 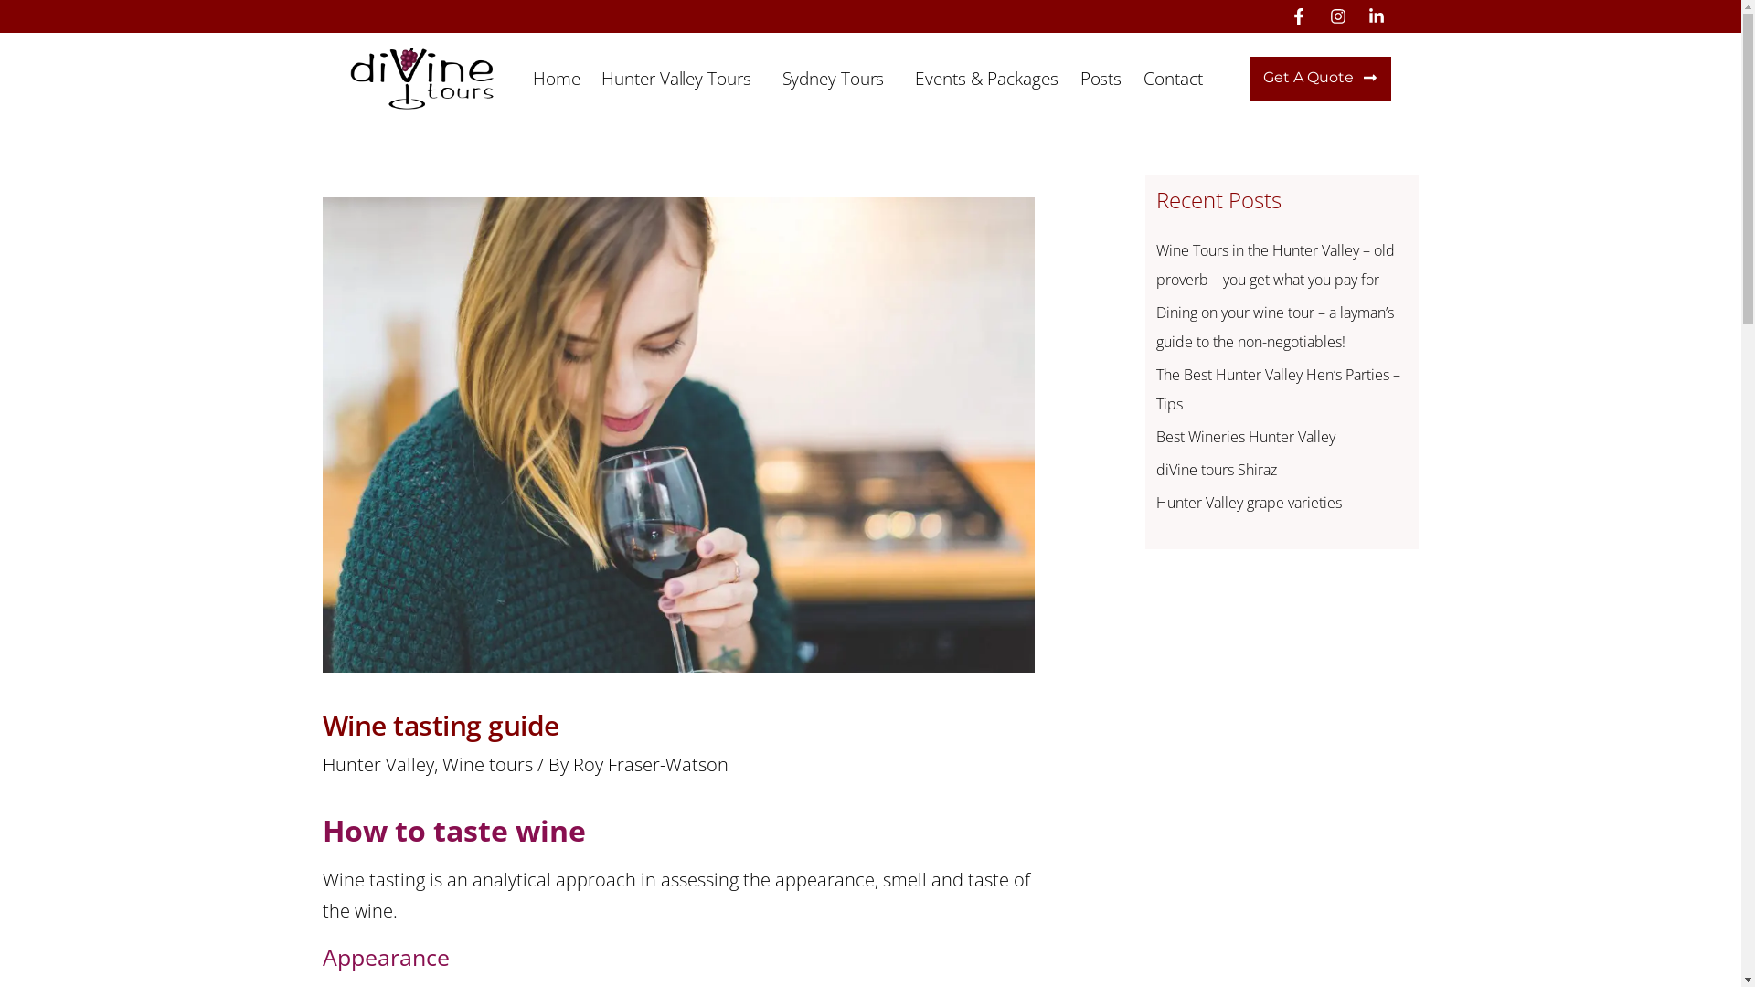 What do you see at coordinates (376, 764) in the screenshot?
I see `'Hunter Valley'` at bounding box center [376, 764].